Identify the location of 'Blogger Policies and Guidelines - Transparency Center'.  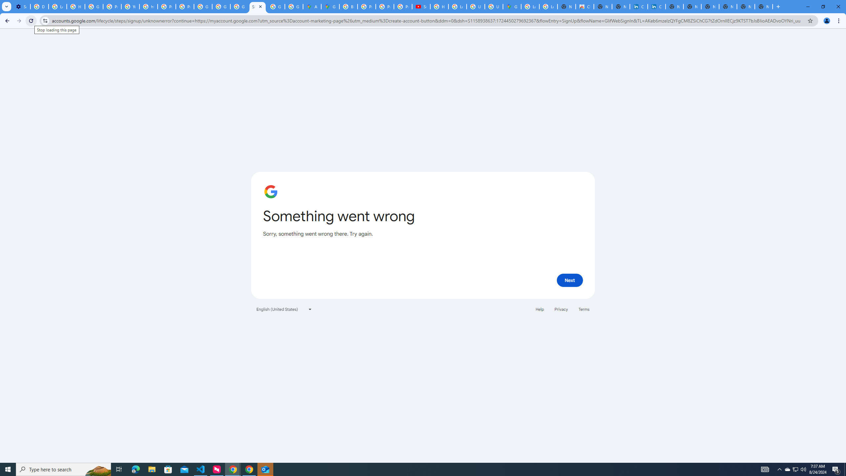
(348, 6).